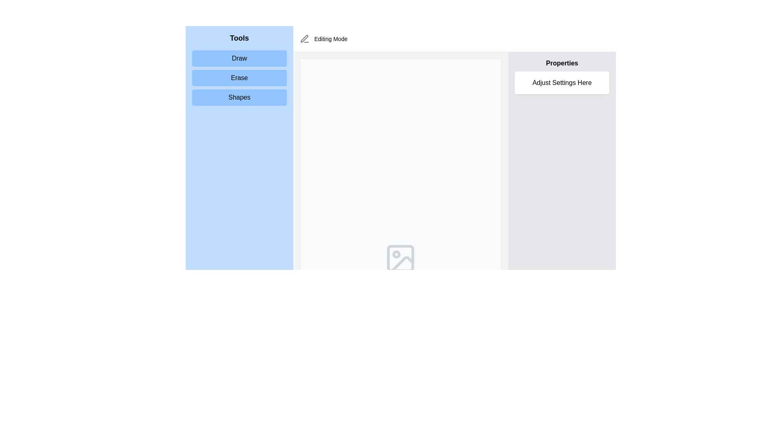  What do you see at coordinates (561, 63) in the screenshot?
I see `the 'Properties' text label, which is a bold text widget displayed at the upper part of a section on the right side of the interface, located directly above the 'Adjust Settings Here' box` at bounding box center [561, 63].